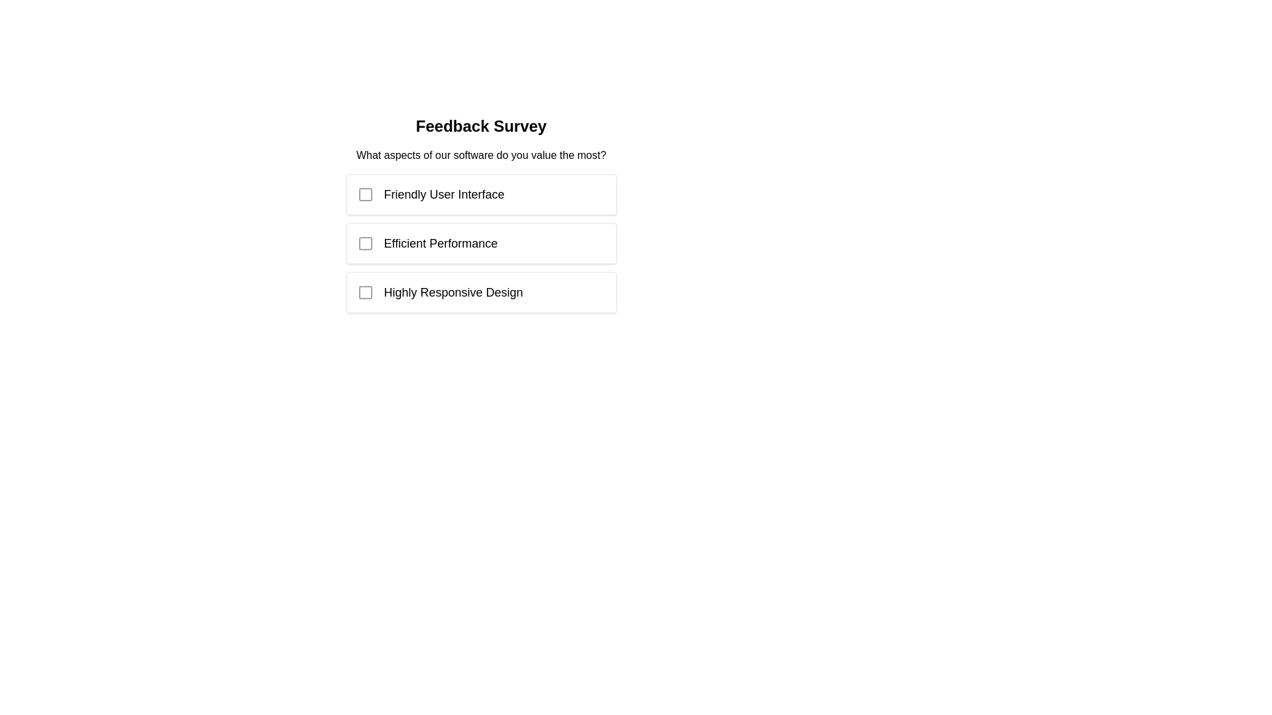  I want to click on the checkbox for the 'Efficient Performance' option in the feedback survey, so click(365, 243).